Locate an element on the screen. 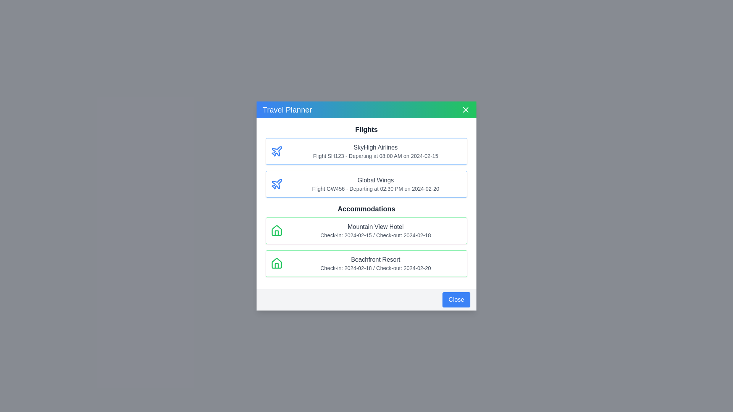 The height and width of the screenshot is (412, 733). the aviation icon in the top left area of the topmost card in the 'Flights' section to focus on the card content is located at coordinates (276, 184).